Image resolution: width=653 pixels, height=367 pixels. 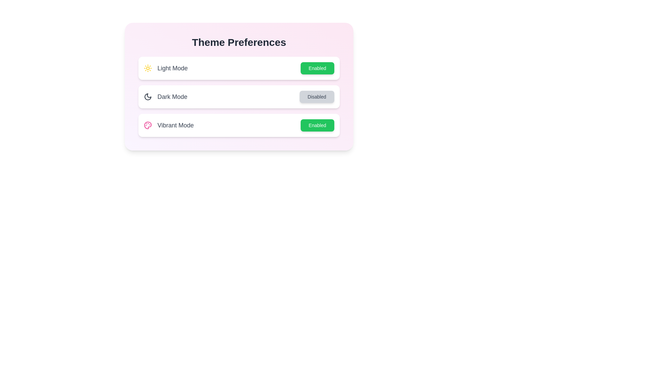 What do you see at coordinates (317, 68) in the screenshot?
I see `the button corresponding to Light mode to observe its hover effect` at bounding box center [317, 68].